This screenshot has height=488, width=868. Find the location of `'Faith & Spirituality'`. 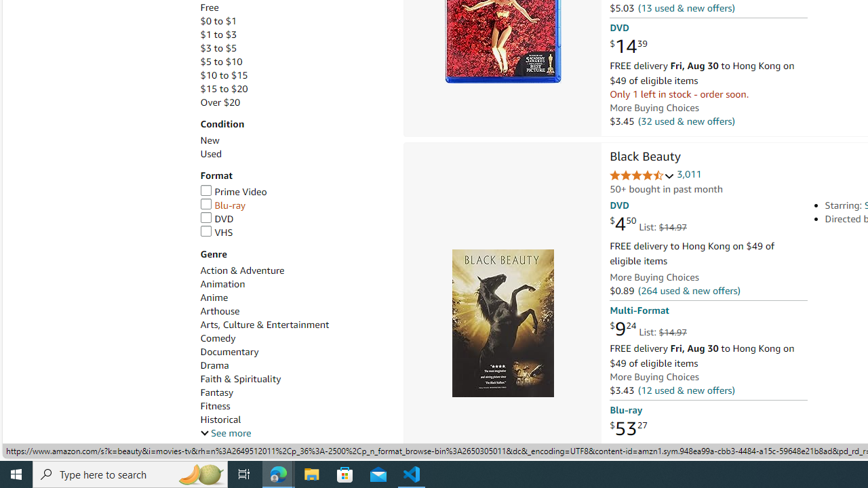

'Faith & Spirituality' is located at coordinates (240, 379).